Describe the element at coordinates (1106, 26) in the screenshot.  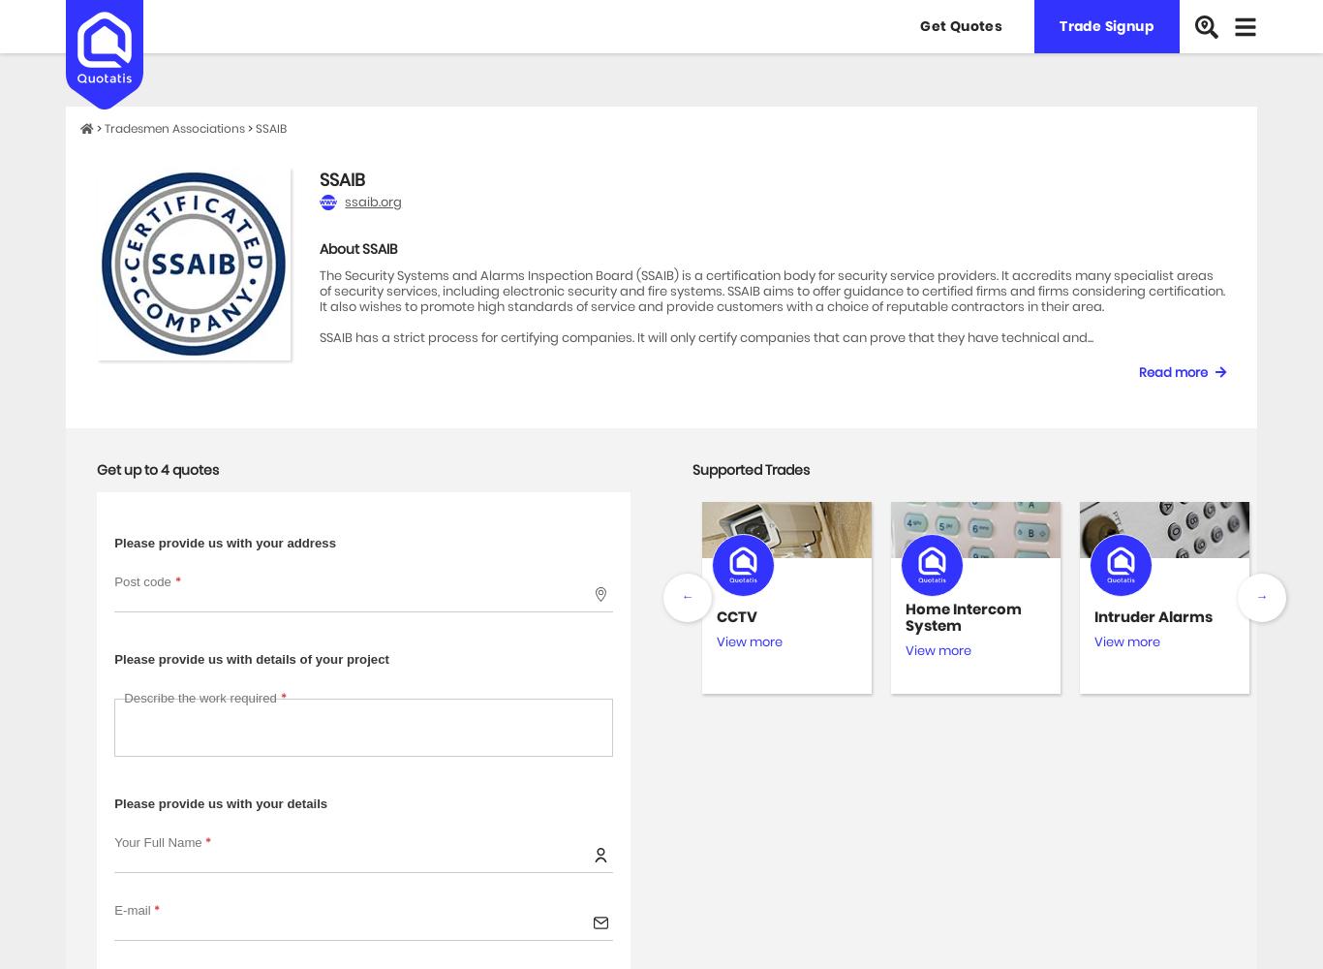
I see `'Trade Signup'` at that location.